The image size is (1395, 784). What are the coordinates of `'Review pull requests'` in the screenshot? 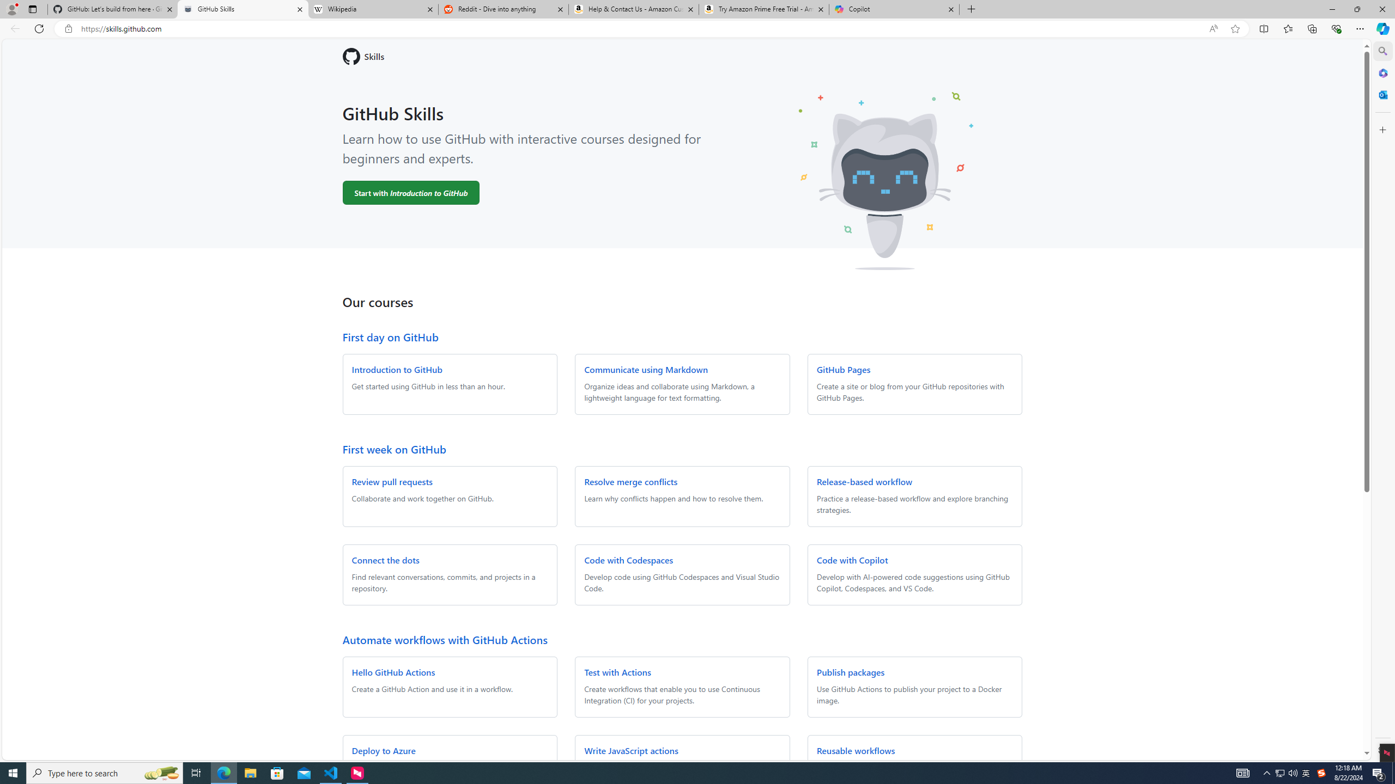 It's located at (391, 481).